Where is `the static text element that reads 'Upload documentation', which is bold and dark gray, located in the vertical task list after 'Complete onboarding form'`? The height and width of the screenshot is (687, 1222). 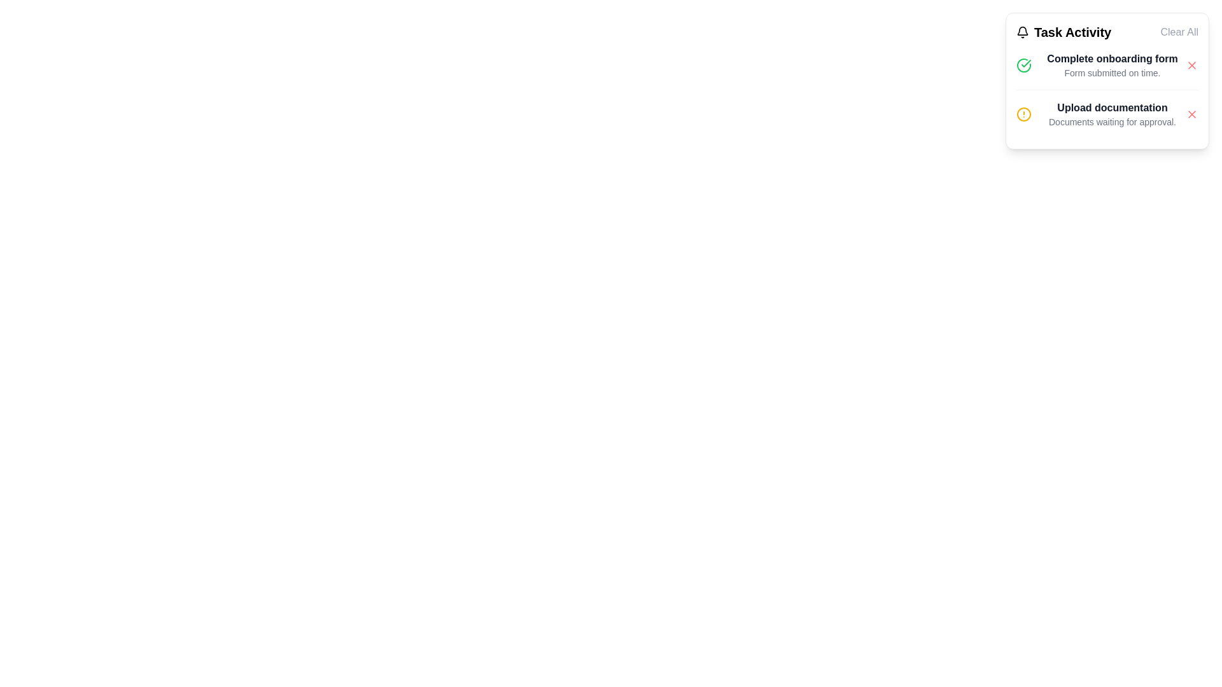 the static text element that reads 'Upload documentation', which is bold and dark gray, located in the vertical task list after 'Complete onboarding form' is located at coordinates (1111, 107).